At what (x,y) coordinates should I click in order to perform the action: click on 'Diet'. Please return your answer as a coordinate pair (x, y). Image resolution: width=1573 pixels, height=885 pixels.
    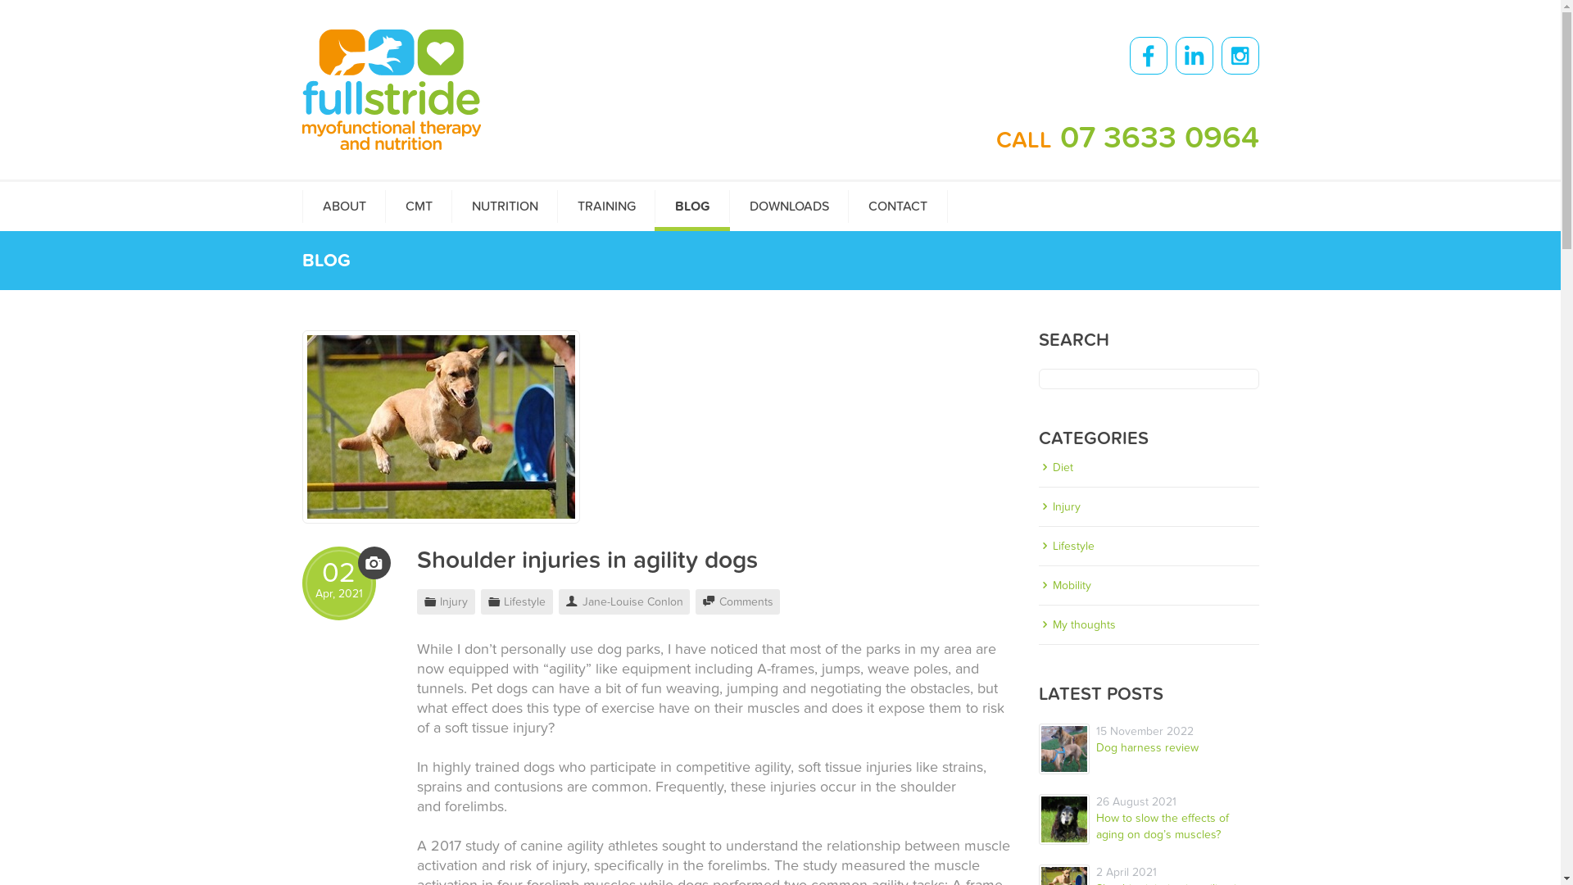
    Looking at the image, I should click on (1148, 467).